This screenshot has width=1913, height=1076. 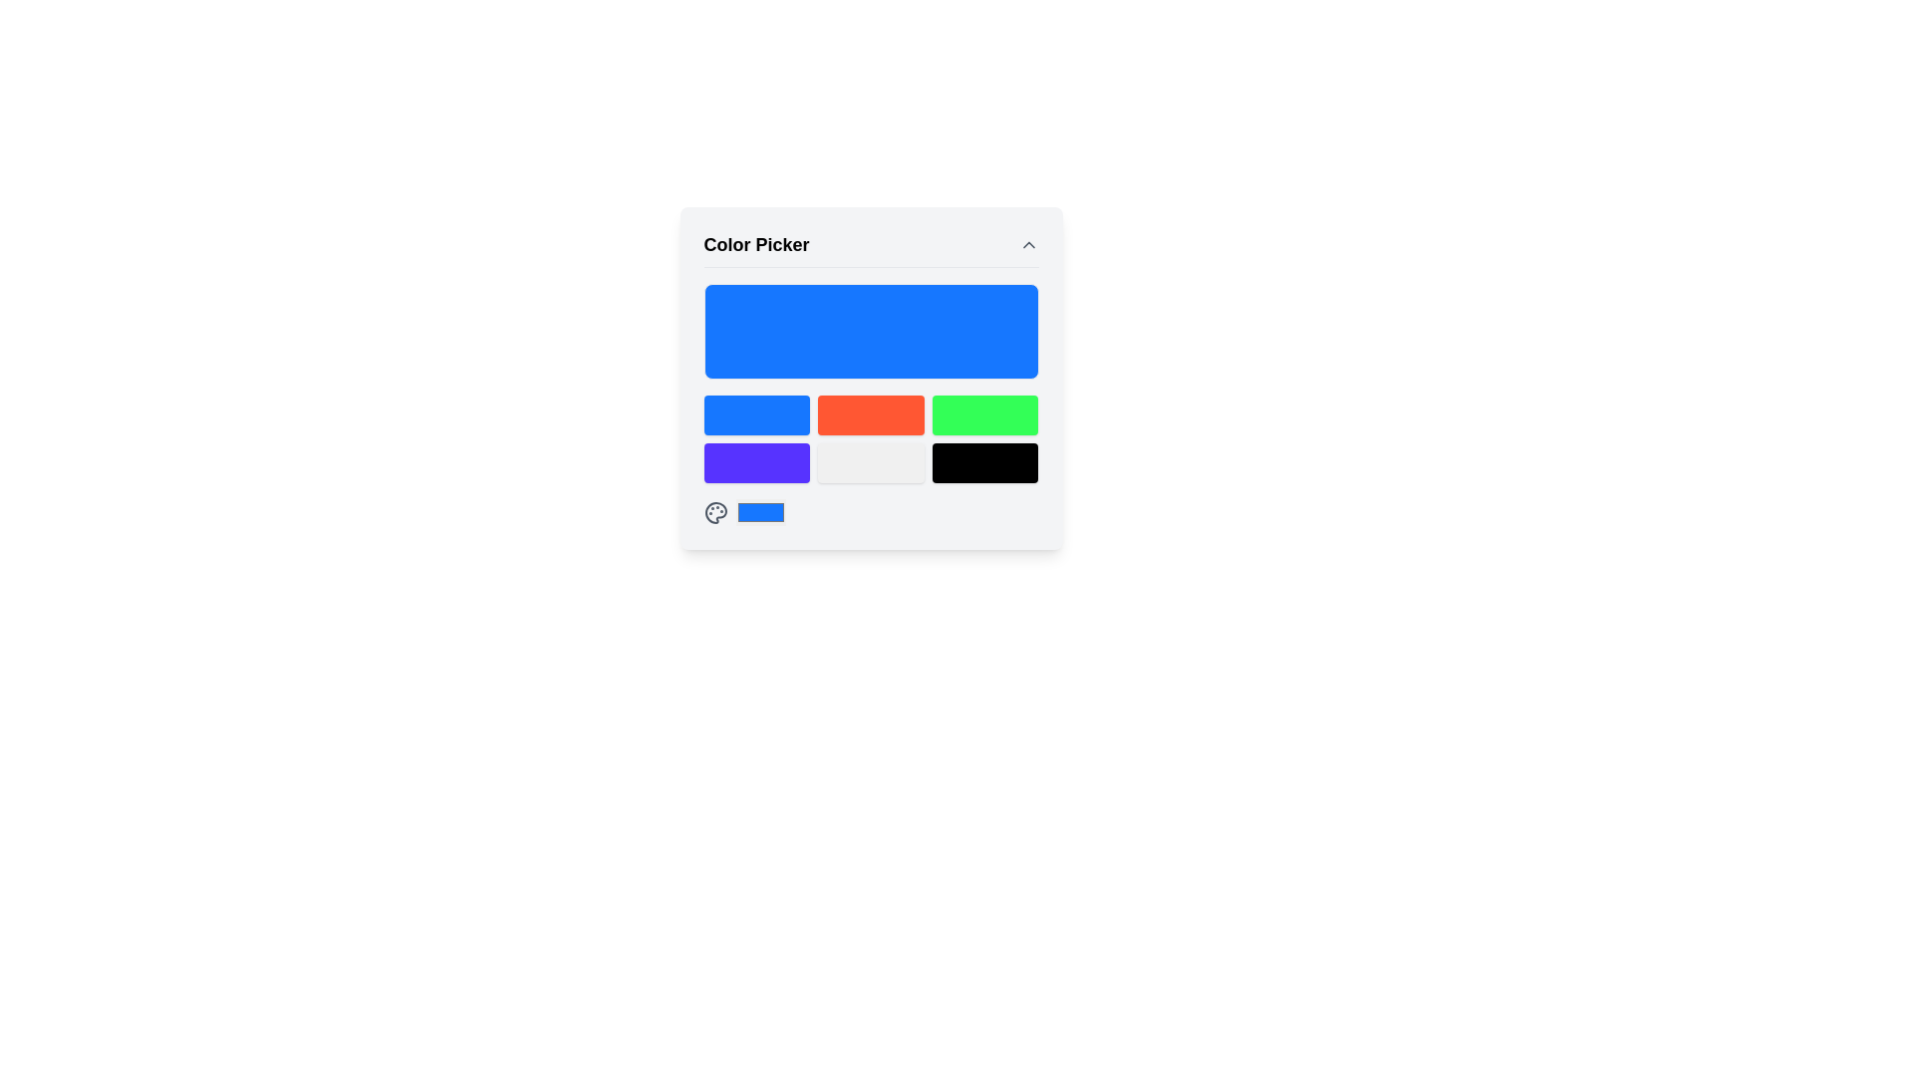 What do you see at coordinates (985, 463) in the screenshot?
I see `the plain black rectangular button located in the bottom-right corner of the color-picker interface` at bounding box center [985, 463].